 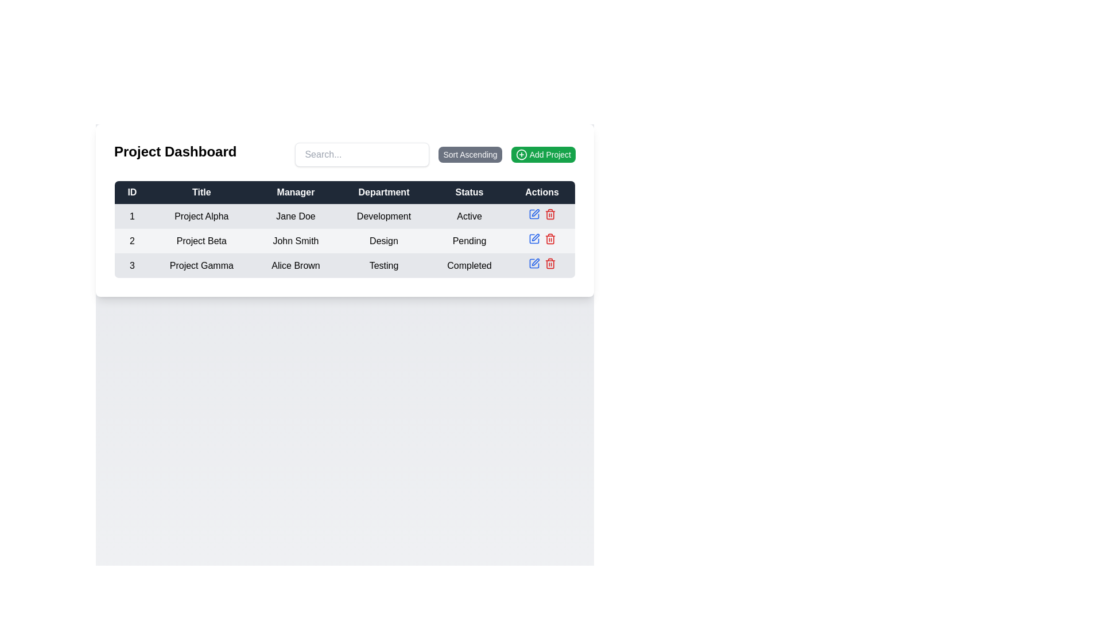 I want to click on the static text label displaying 'Completed' in the table under the 'Status' category for '3 Project Gamma Alice Brown Testing Completed', so click(x=469, y=265).